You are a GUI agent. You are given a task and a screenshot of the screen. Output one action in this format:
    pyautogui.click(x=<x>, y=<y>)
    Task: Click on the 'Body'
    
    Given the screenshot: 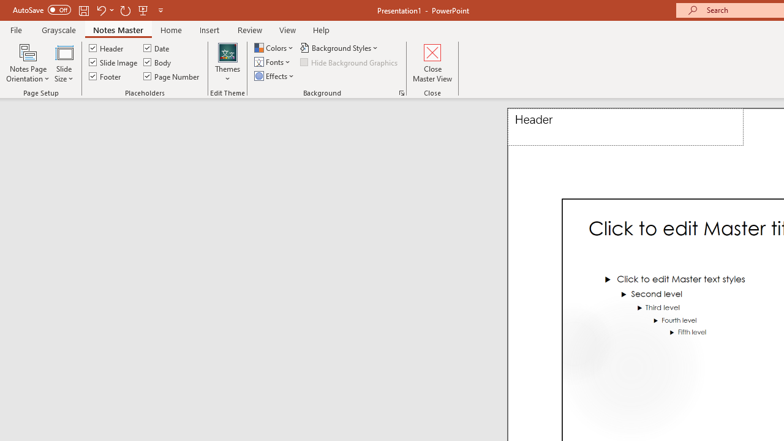 What is the action you would take?
    pyautogui.click(x=157, y=62)
    